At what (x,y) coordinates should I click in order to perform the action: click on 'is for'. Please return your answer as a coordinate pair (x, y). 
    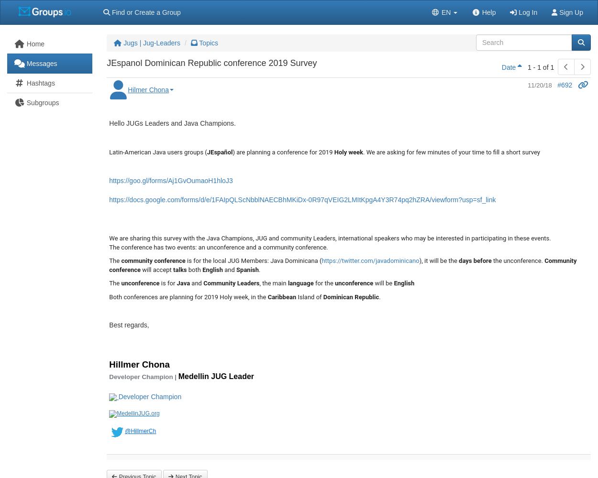
    Looking at the image, I should click on (167, 282).